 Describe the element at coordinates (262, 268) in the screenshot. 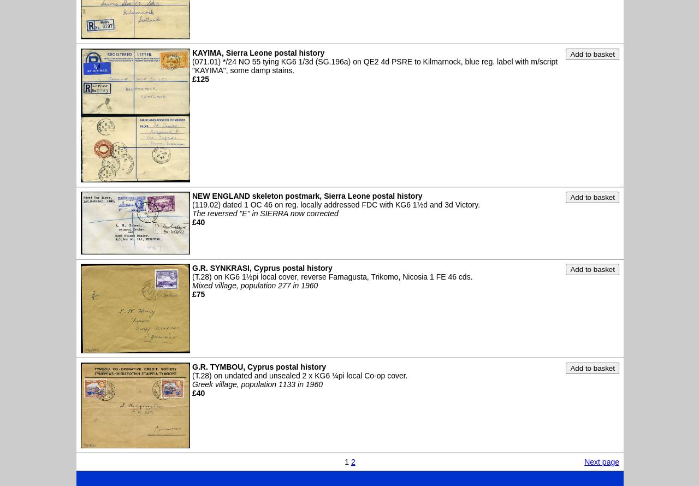

I see `'G.R. SYNKRASI, Cyprus postal history'` at that location.